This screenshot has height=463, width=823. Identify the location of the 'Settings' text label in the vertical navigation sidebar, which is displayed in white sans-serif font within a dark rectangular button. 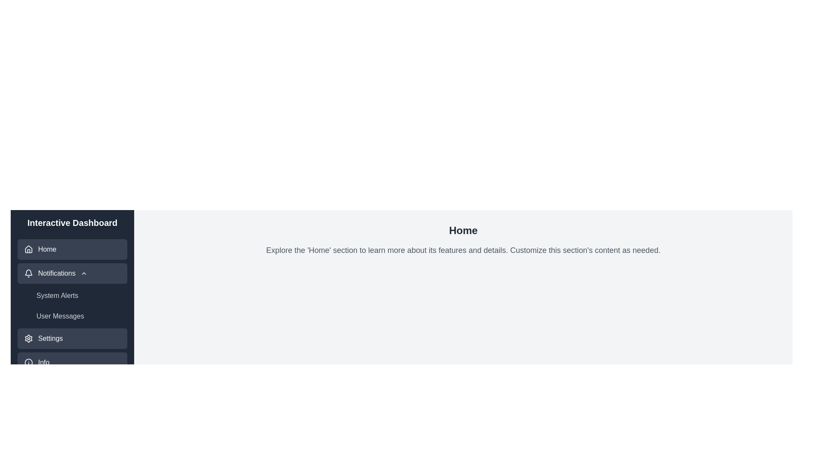
(50, 338).